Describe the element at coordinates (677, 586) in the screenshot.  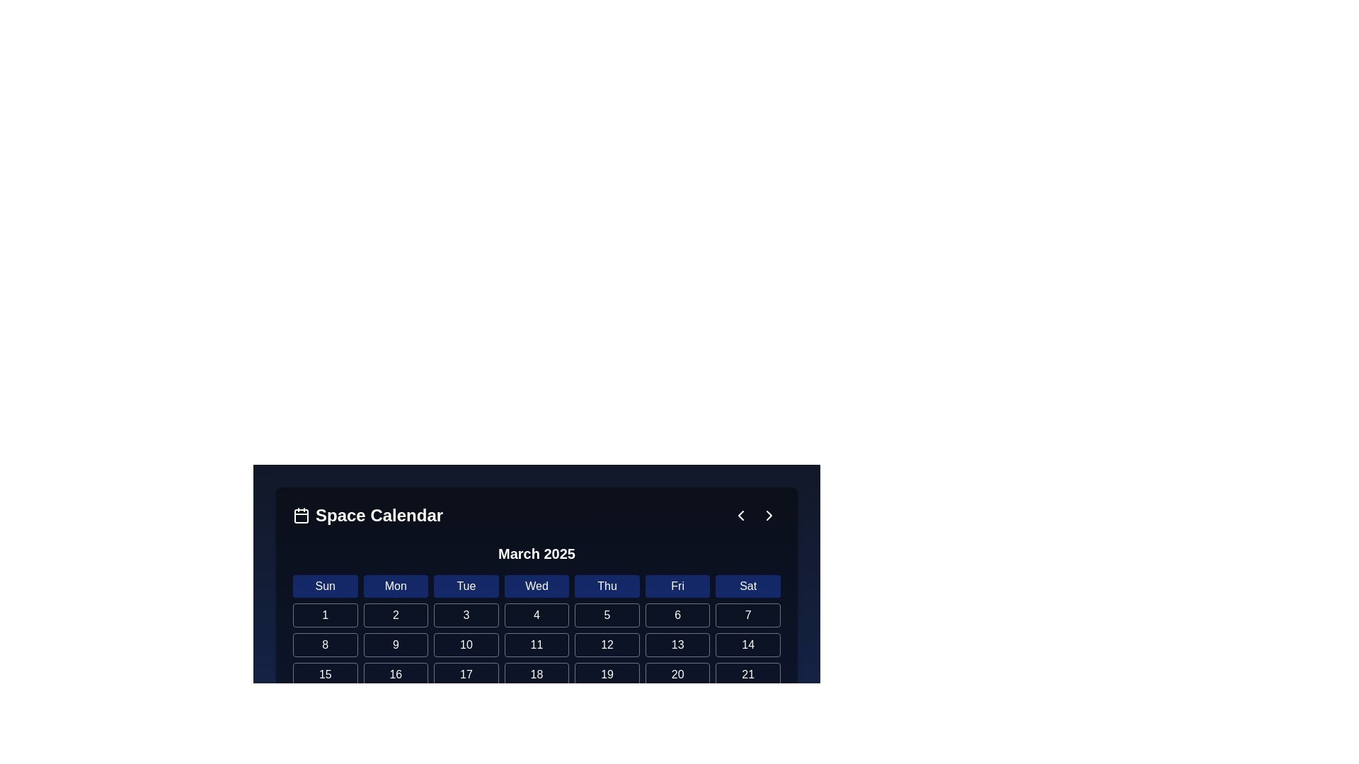
I see `the button representing Friday in the calendar module, which is the sixth button in a seven-column grid at the topmost row` at that location.